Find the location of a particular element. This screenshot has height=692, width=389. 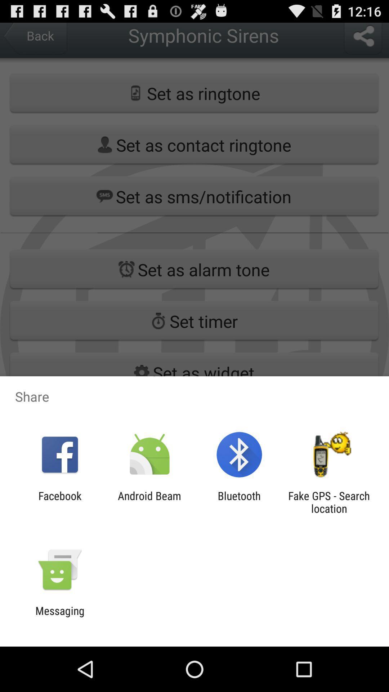

the fake gps search at the bottom right corner is located at coordinates (329, 502).